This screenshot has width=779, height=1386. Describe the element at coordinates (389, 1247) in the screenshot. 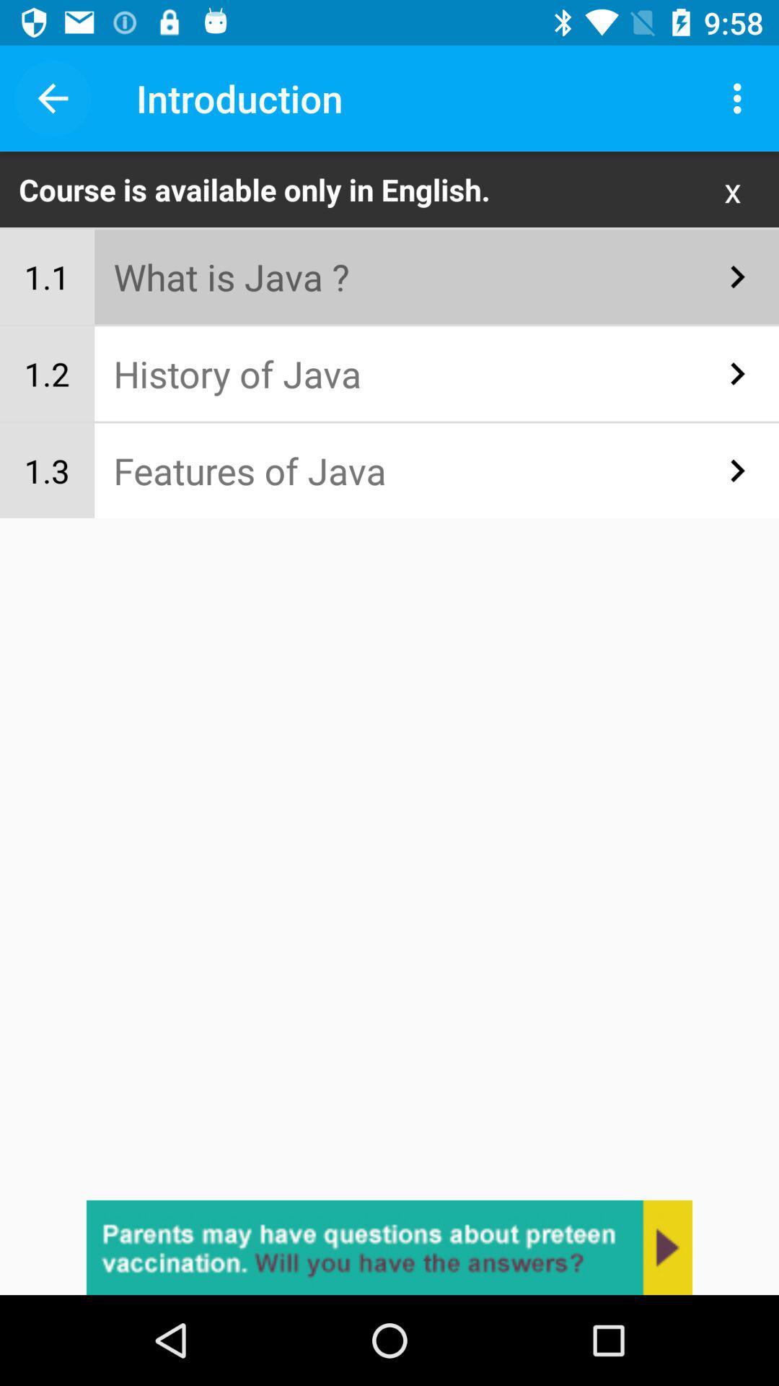

I see `ask the question` at that location.